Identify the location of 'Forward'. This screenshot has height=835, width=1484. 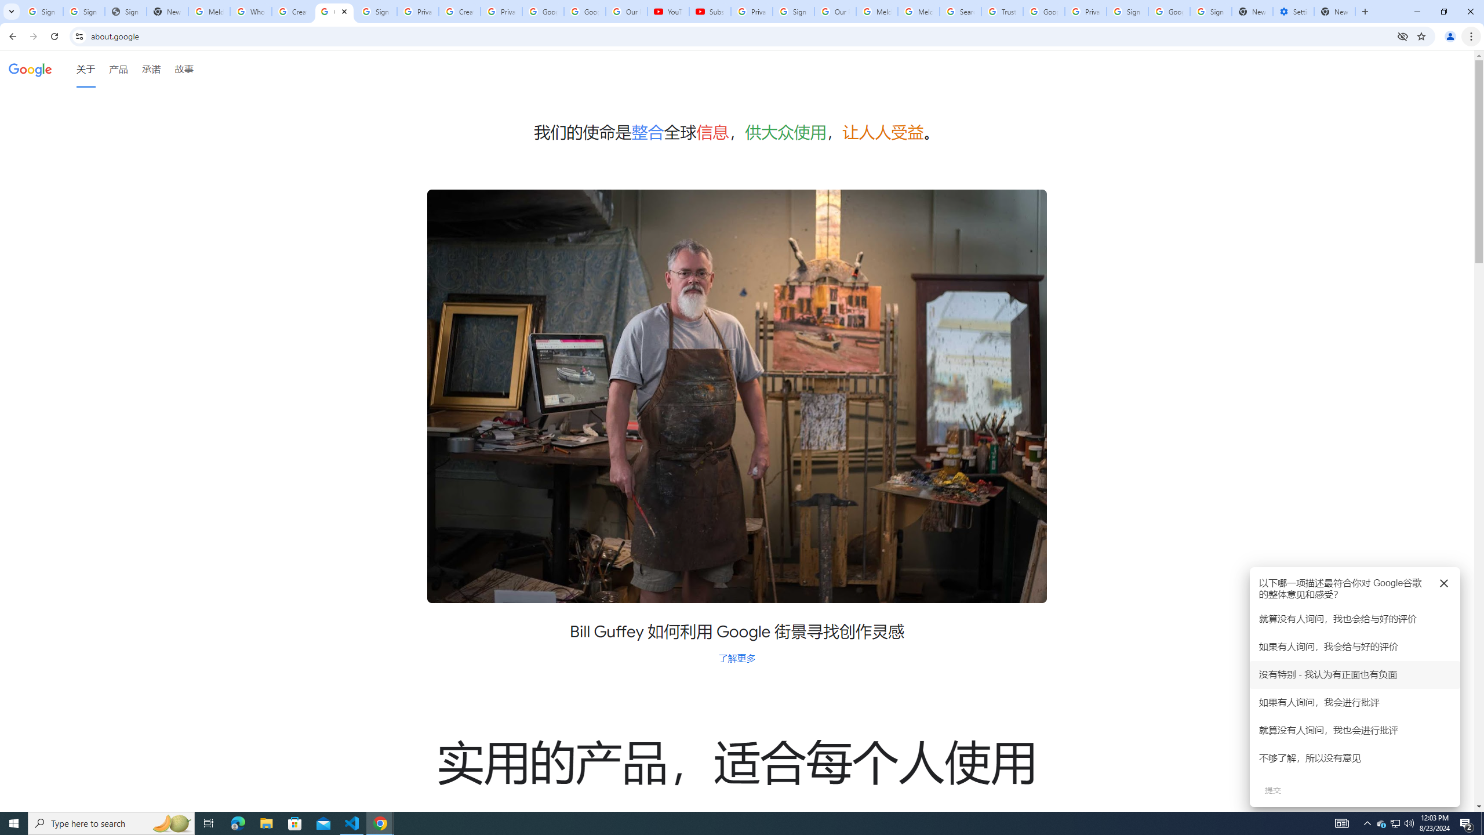
(33, 36).